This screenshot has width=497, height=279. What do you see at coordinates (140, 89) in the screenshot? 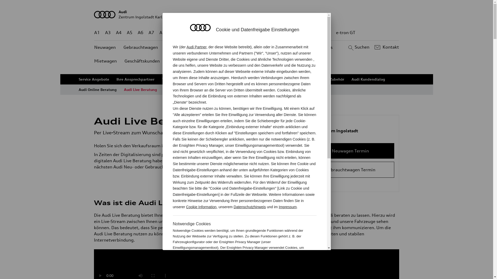
I see `'Audi Live Beratung'` at bounding box center [140, 89].